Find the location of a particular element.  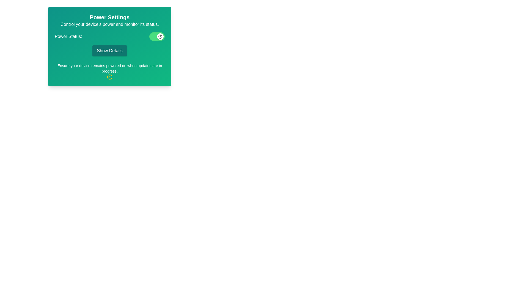

the toggle switch located to the right of the 'Power Status:' label in the 'Power Settings' card is located at coordinates (157, 36).